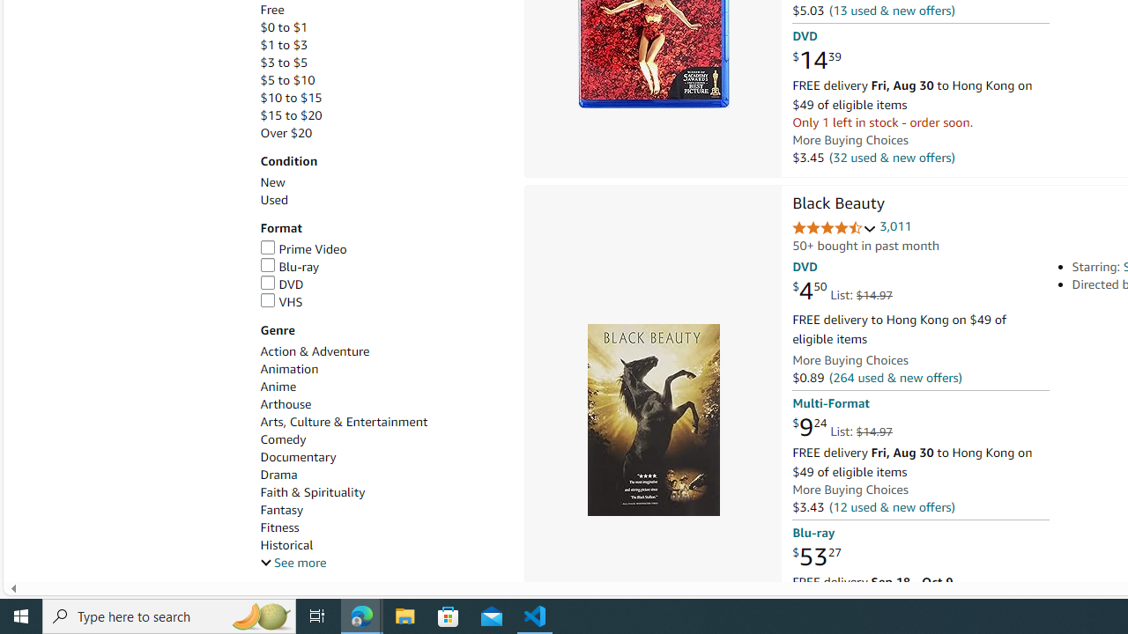 The height and width of the screenshot is (634, 1128). What do you see at coordinates (382, 351) in the screenshot?
I see `'Action & Adventure'` at bounding box center [382, 351].